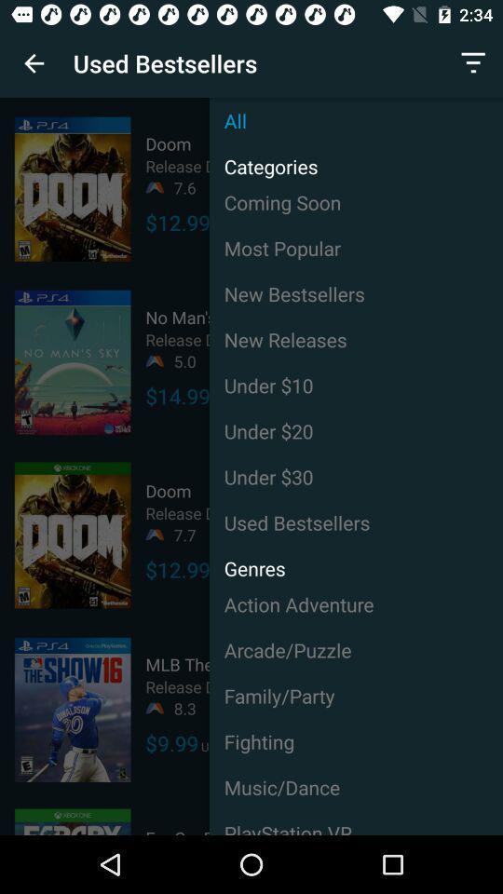 This screenshot has width=503, height=894. Describe the element at coordinates (356, 741) in the screenshot. I see `item next to $9.99` at that location.